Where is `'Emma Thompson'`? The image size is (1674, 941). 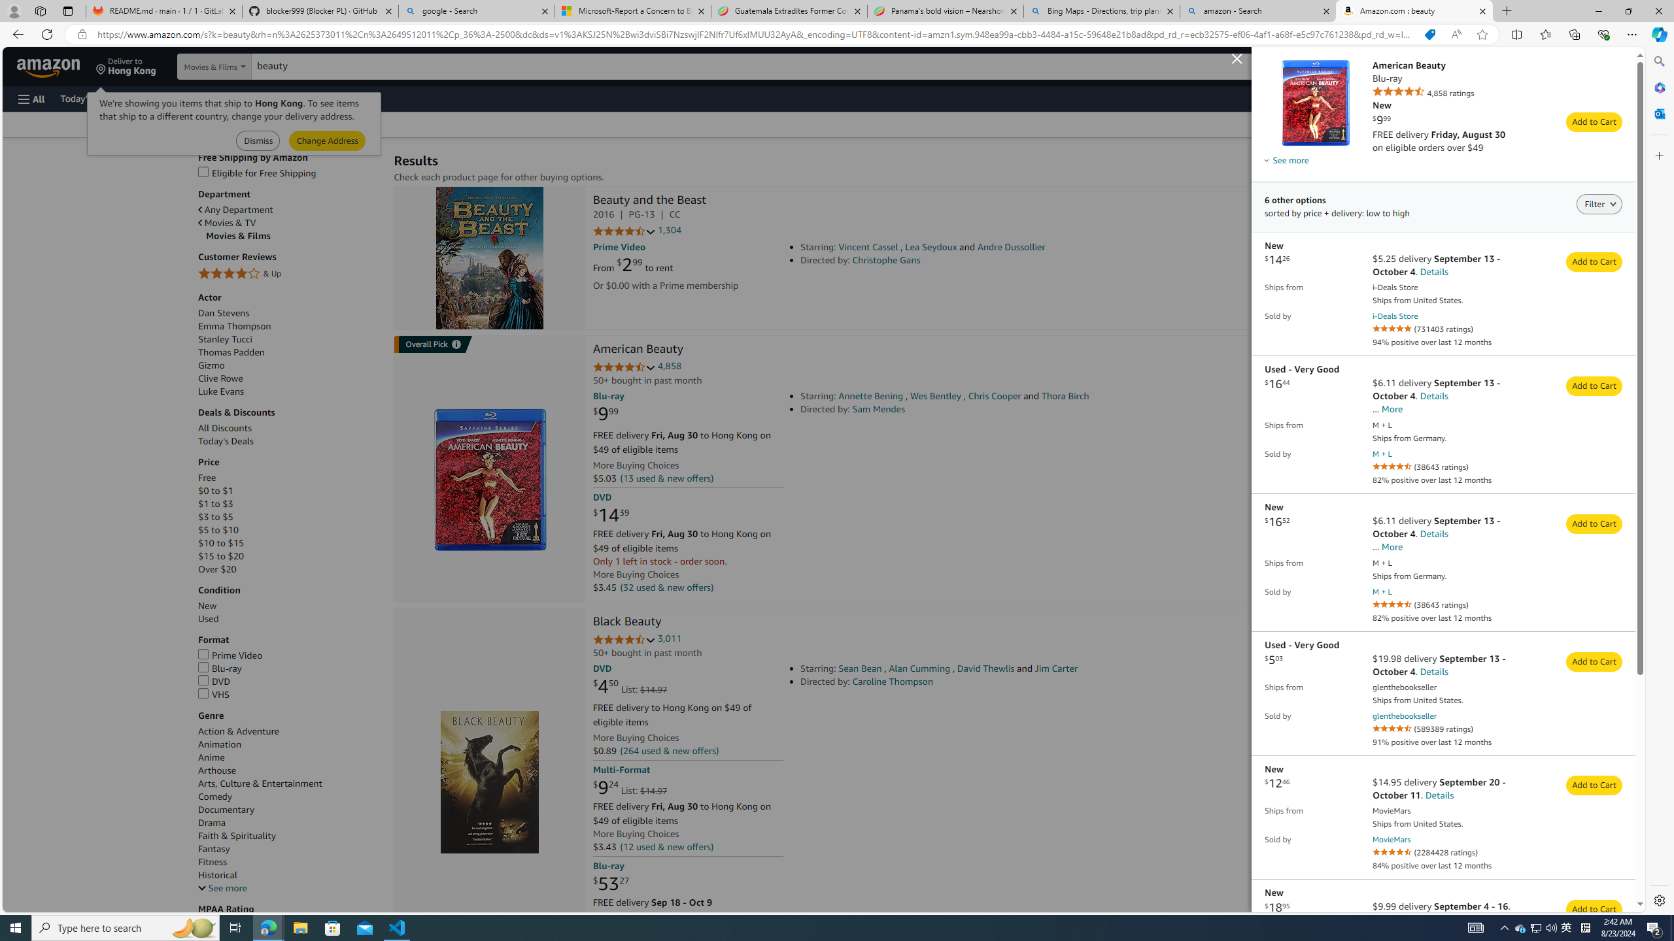
'Emma Thompson' is located at coordinates (234, 325).